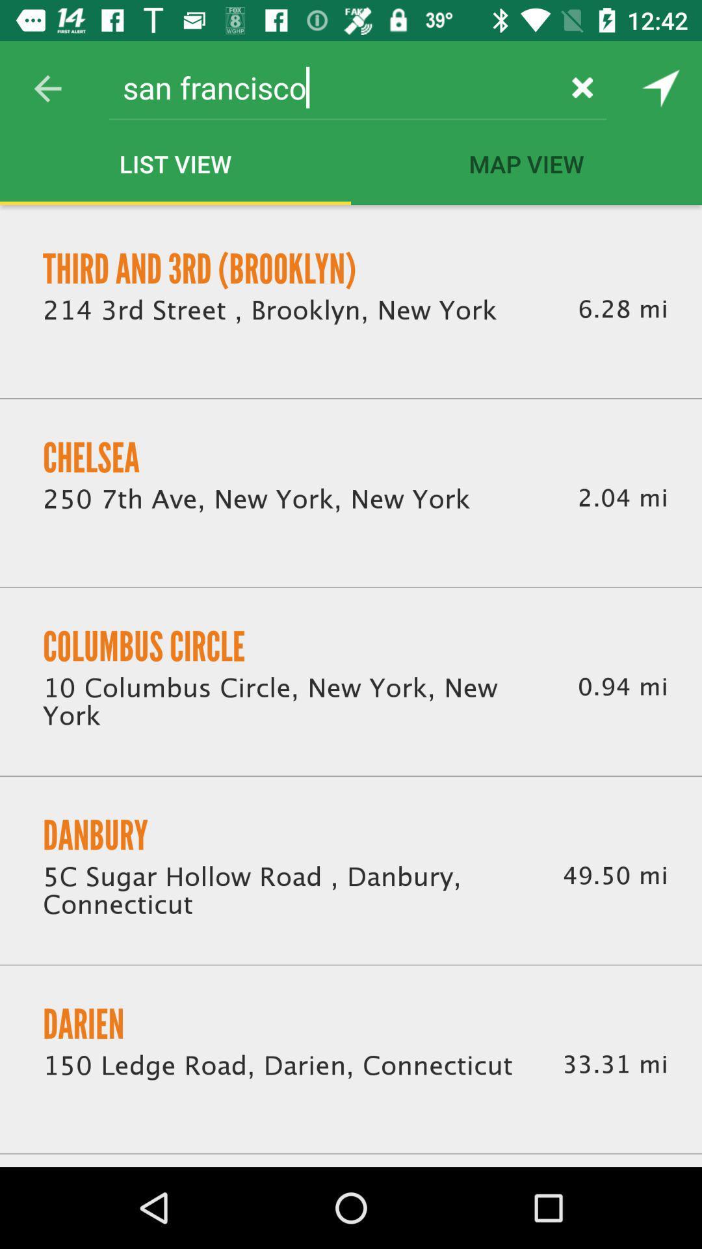 The height and width of the screenshot is (1249, 702). What do you see at coordinates (256, 499) in the screenshot?
I see `icon to the left of the 2.04 mi item` at bounding box center [256, 499].